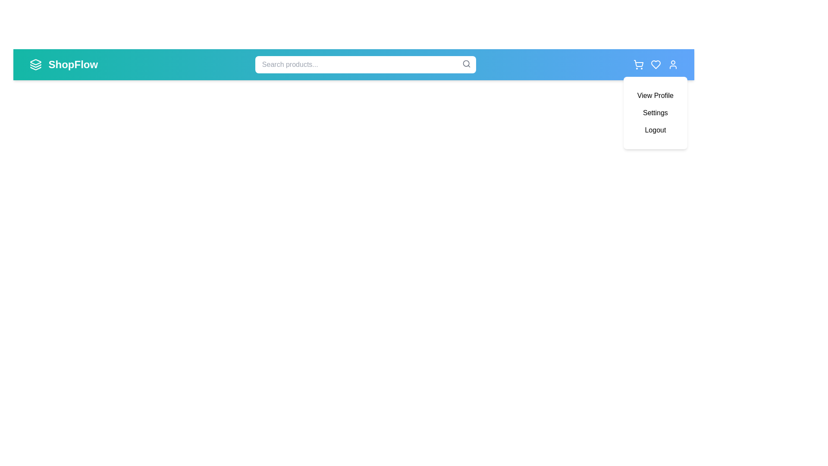 This screenshot has width=828, height=466. Describe the element at coordinates (365, 64) in the screenshot. I see `the search bar and type 'example text'` at that location.